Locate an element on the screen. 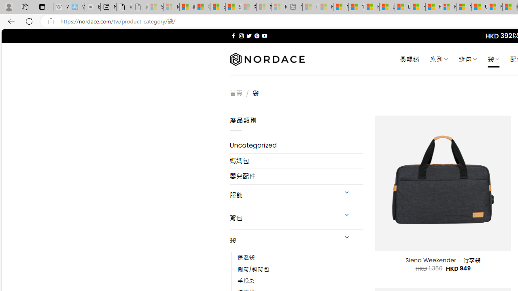  'Microsoft Services Agreement - Sleeping' is located at coordinates (171, 7).